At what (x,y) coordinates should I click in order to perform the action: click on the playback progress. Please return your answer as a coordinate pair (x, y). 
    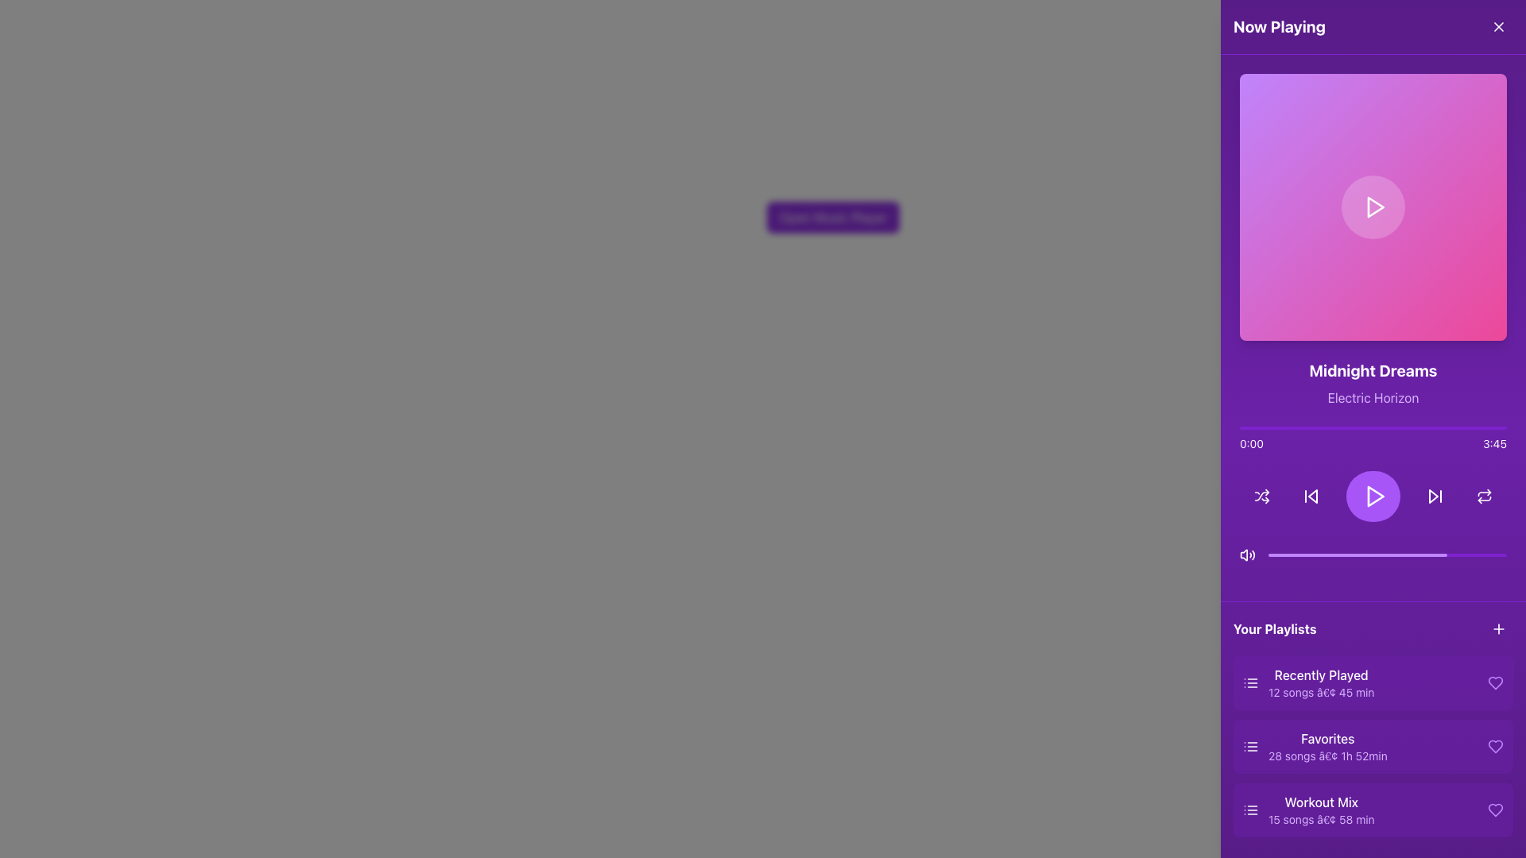
    Looking at the image, I should click on (1367, 554).